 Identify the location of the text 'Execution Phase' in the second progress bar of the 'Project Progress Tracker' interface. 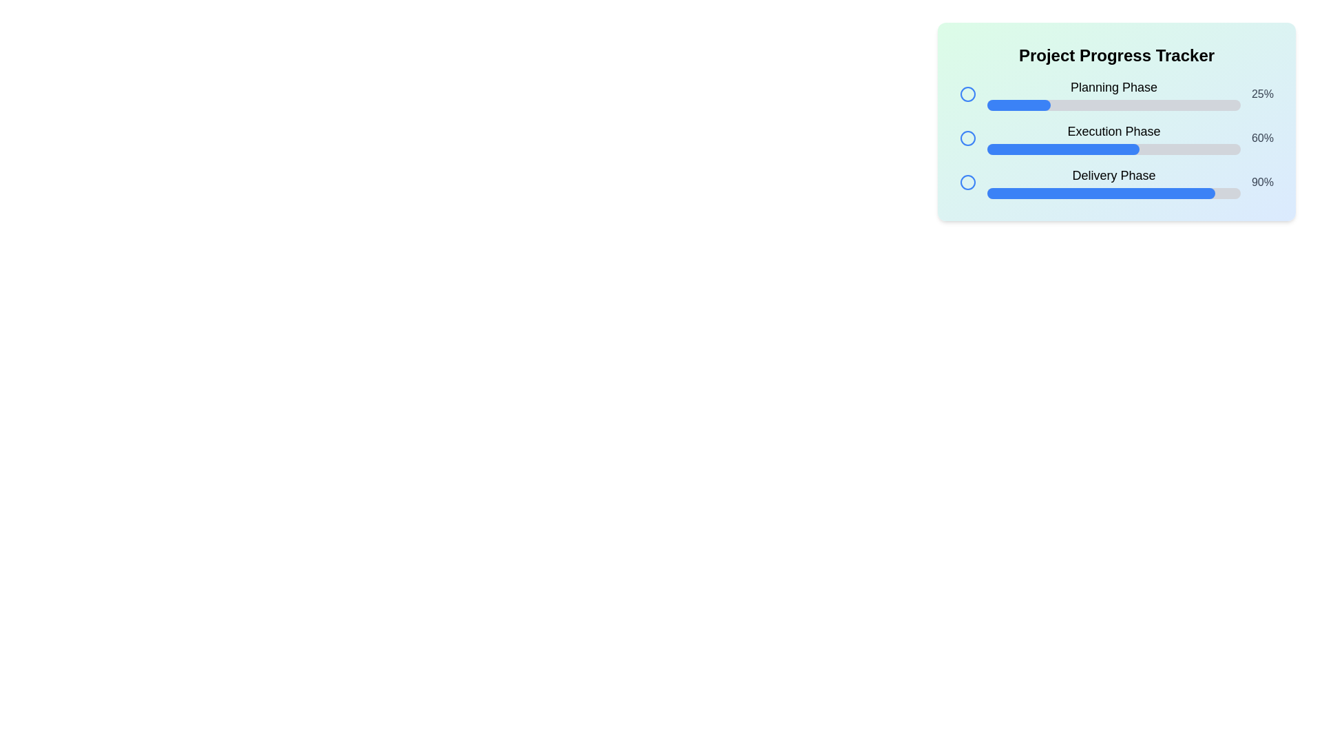
(1117, 138).